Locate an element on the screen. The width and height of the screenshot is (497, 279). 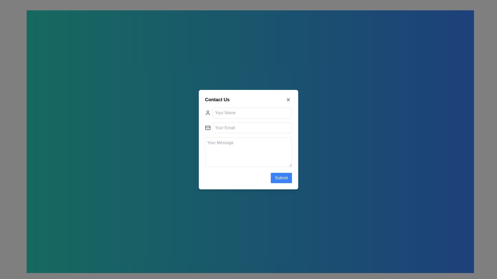
the 'Contact Us' form submission button located at the bottom-right corner of the form is located at coordinates (281, 177).